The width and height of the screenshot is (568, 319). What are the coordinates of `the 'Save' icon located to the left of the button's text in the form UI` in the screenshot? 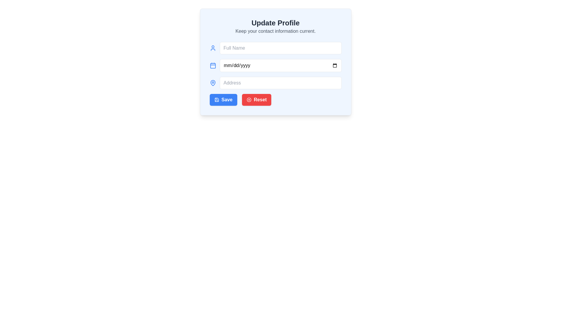 It's located at (216, 100).